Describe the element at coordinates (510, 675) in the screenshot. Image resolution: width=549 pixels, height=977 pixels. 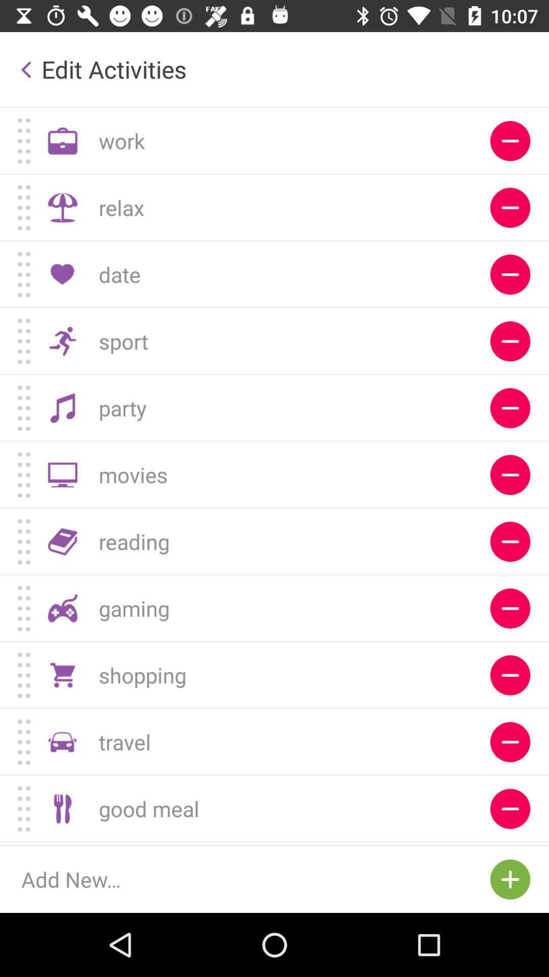
I see `enable the option` at that location.